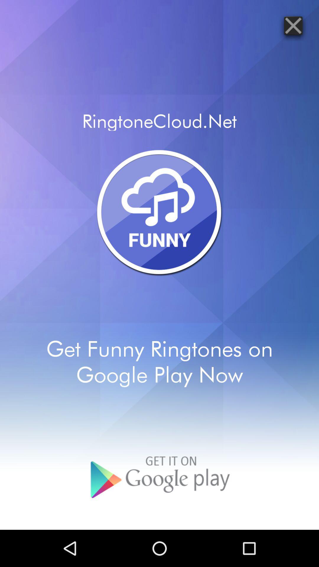  What do you see at coordinates (293, 25) in the screenshot?
I see `icon at the top right corner` at bounding box center [293, 25].